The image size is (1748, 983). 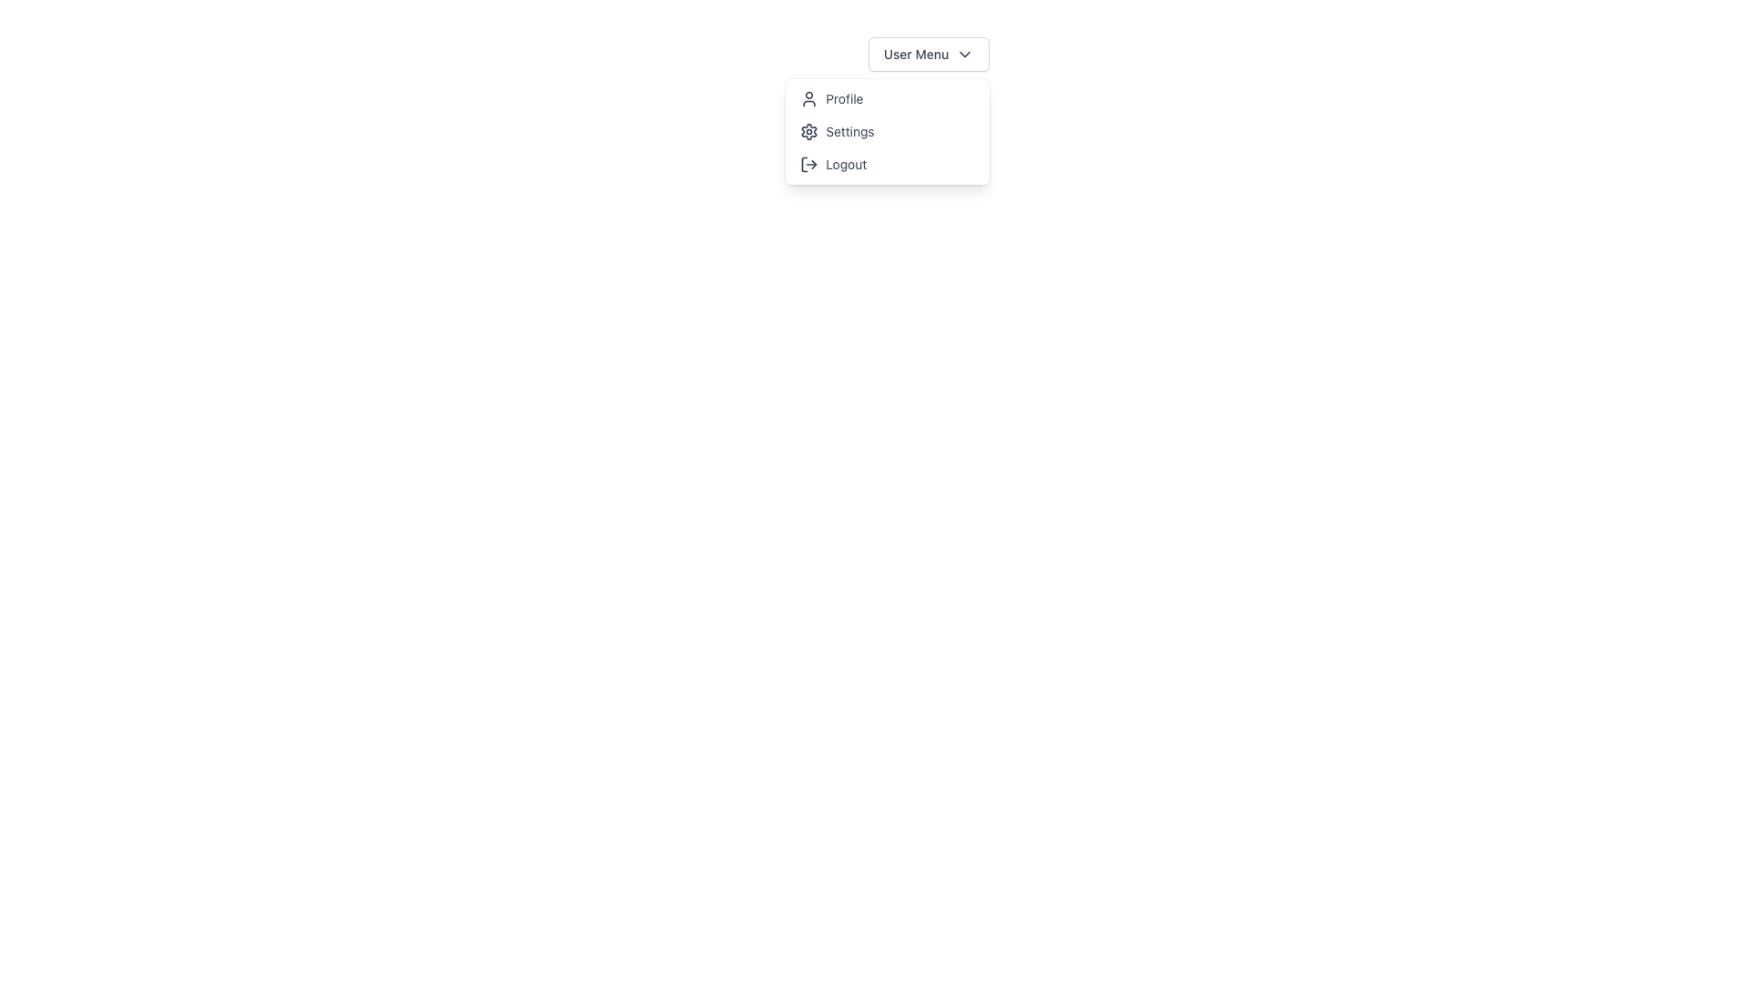 I want to click on the vertical segment of the SVG icon associated with the 'Logout' menu item, which is located near the left side of the label in the dropdown menu, so click(x=804, y=165).